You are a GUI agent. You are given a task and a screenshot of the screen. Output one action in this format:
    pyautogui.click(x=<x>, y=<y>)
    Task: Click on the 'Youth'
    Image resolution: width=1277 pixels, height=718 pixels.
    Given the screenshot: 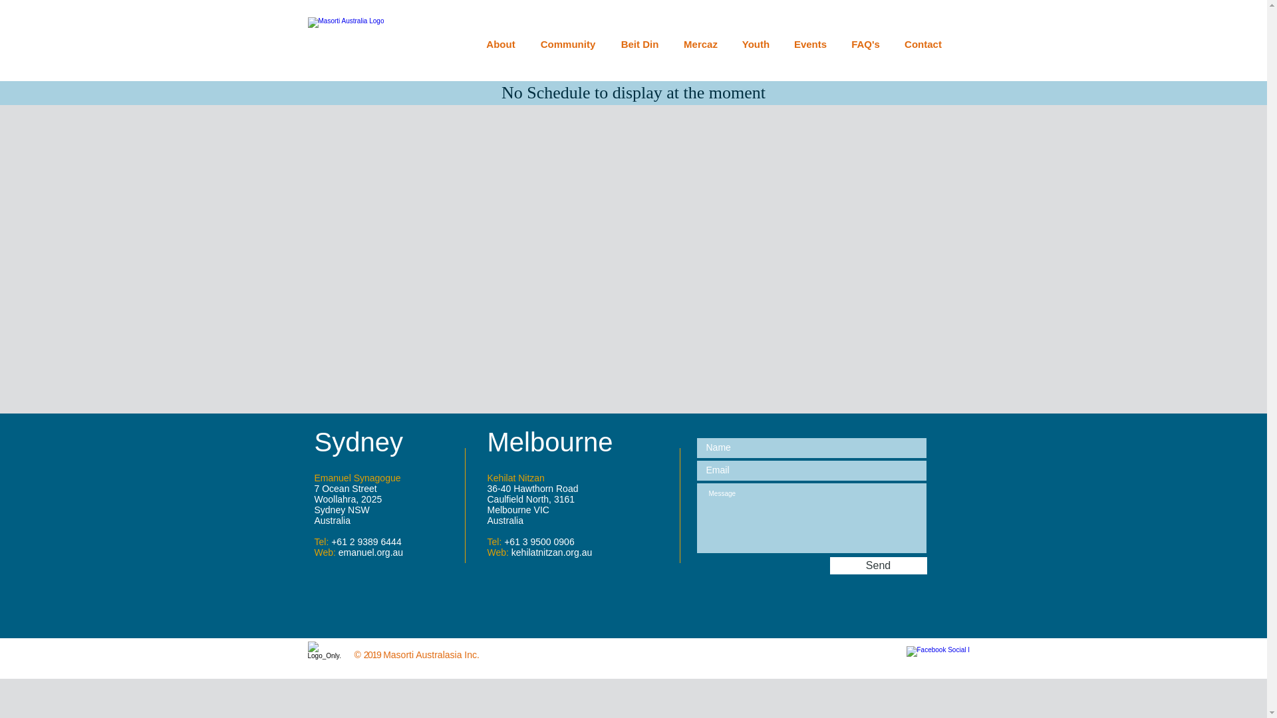 What is the action you would take?
    pyautogui.click(x=756, y=43)
    